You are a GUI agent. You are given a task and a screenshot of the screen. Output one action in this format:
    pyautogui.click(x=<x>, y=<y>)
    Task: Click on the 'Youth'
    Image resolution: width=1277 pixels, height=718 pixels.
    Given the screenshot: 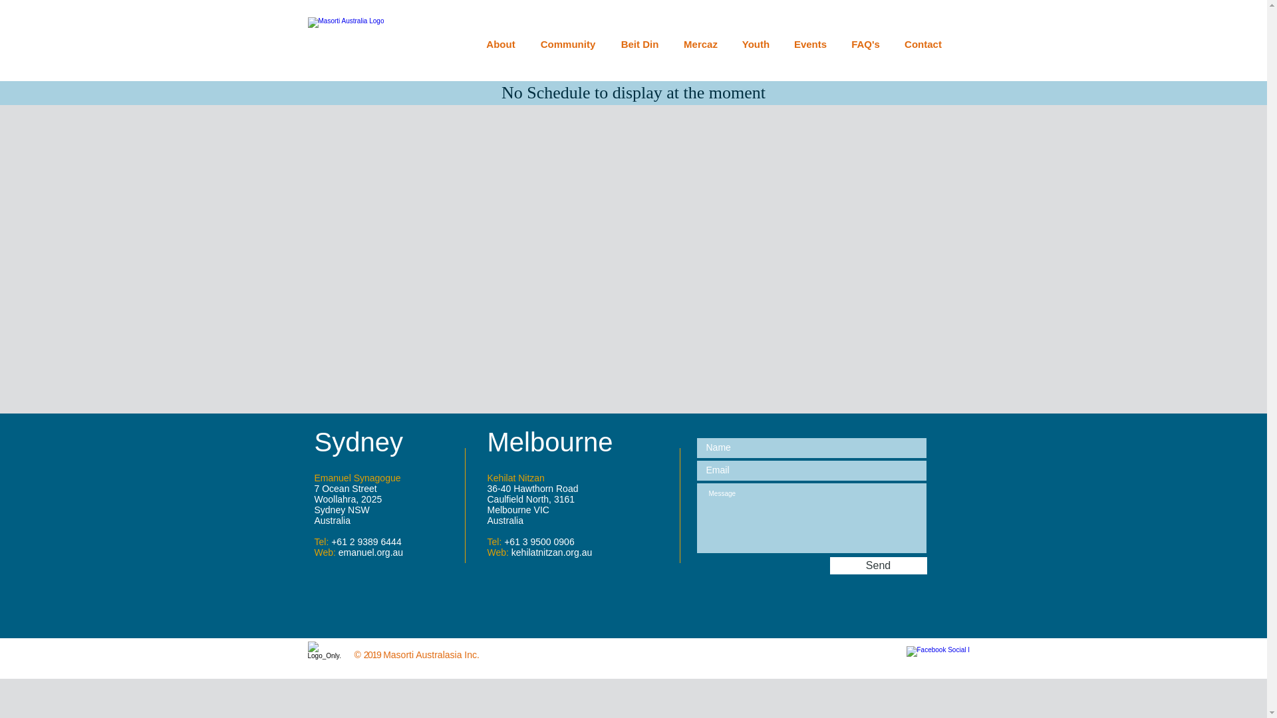 What is the action you would take?
    pyautogui.click(x=756, y=43)
    